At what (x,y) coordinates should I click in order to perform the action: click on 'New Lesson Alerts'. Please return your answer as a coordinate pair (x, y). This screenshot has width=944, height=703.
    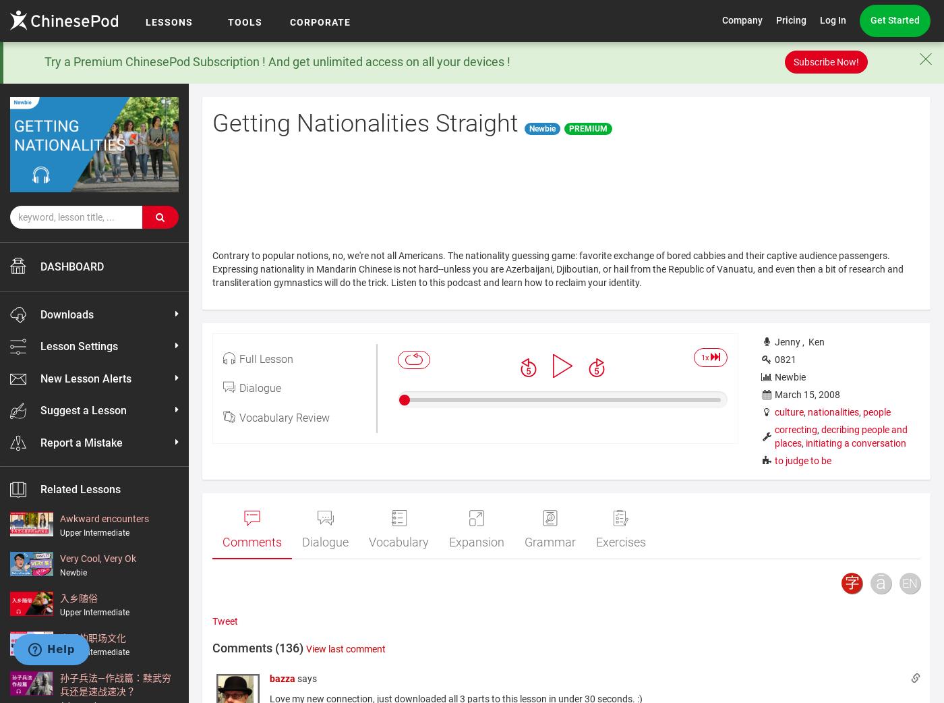
    Looking at the image, I should click on (40, 377).